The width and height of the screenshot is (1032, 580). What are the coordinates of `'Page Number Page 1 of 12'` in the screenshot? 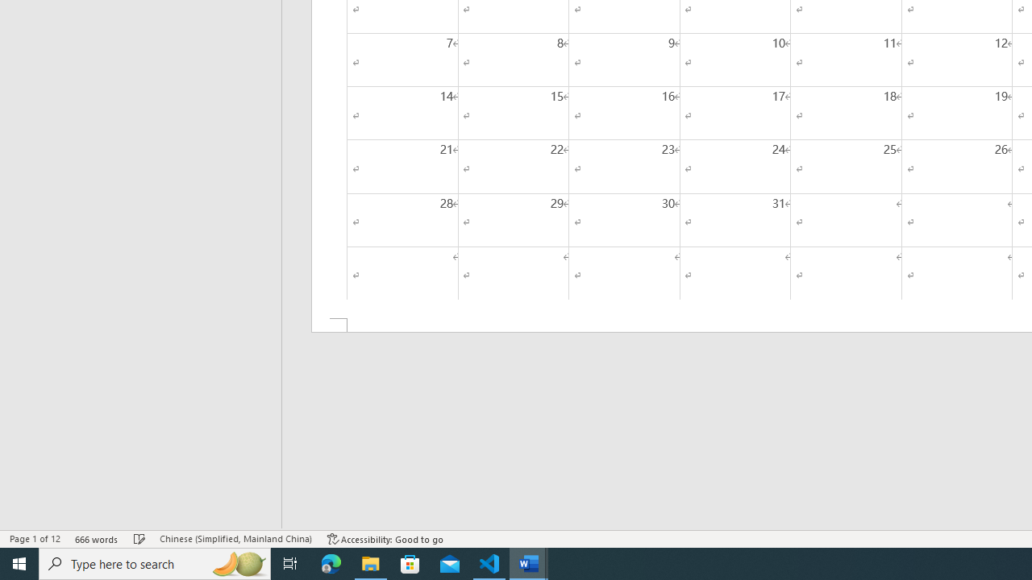 It's located at (35, 539).